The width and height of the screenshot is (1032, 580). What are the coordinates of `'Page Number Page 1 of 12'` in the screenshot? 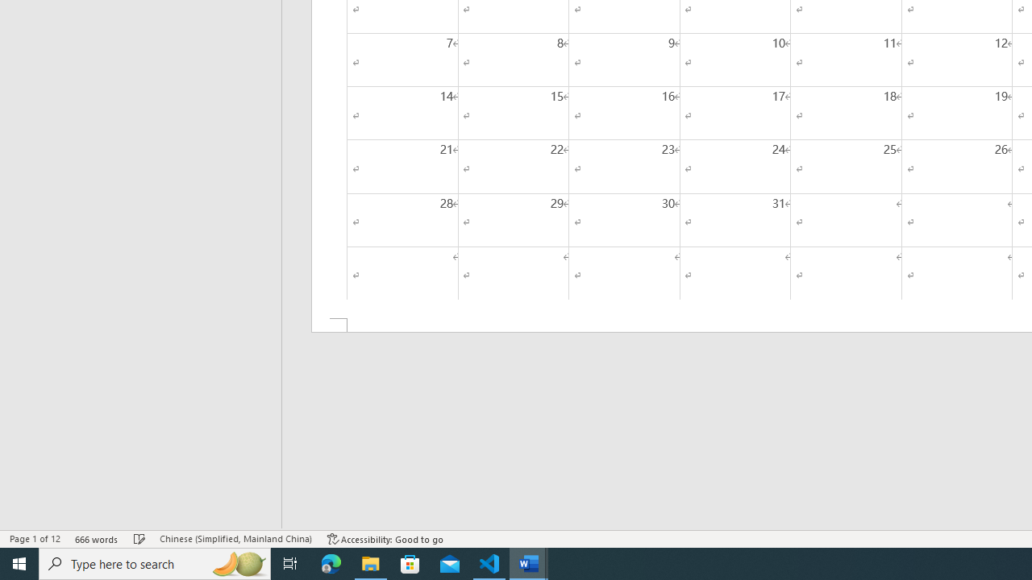 It's located at (35, 539).